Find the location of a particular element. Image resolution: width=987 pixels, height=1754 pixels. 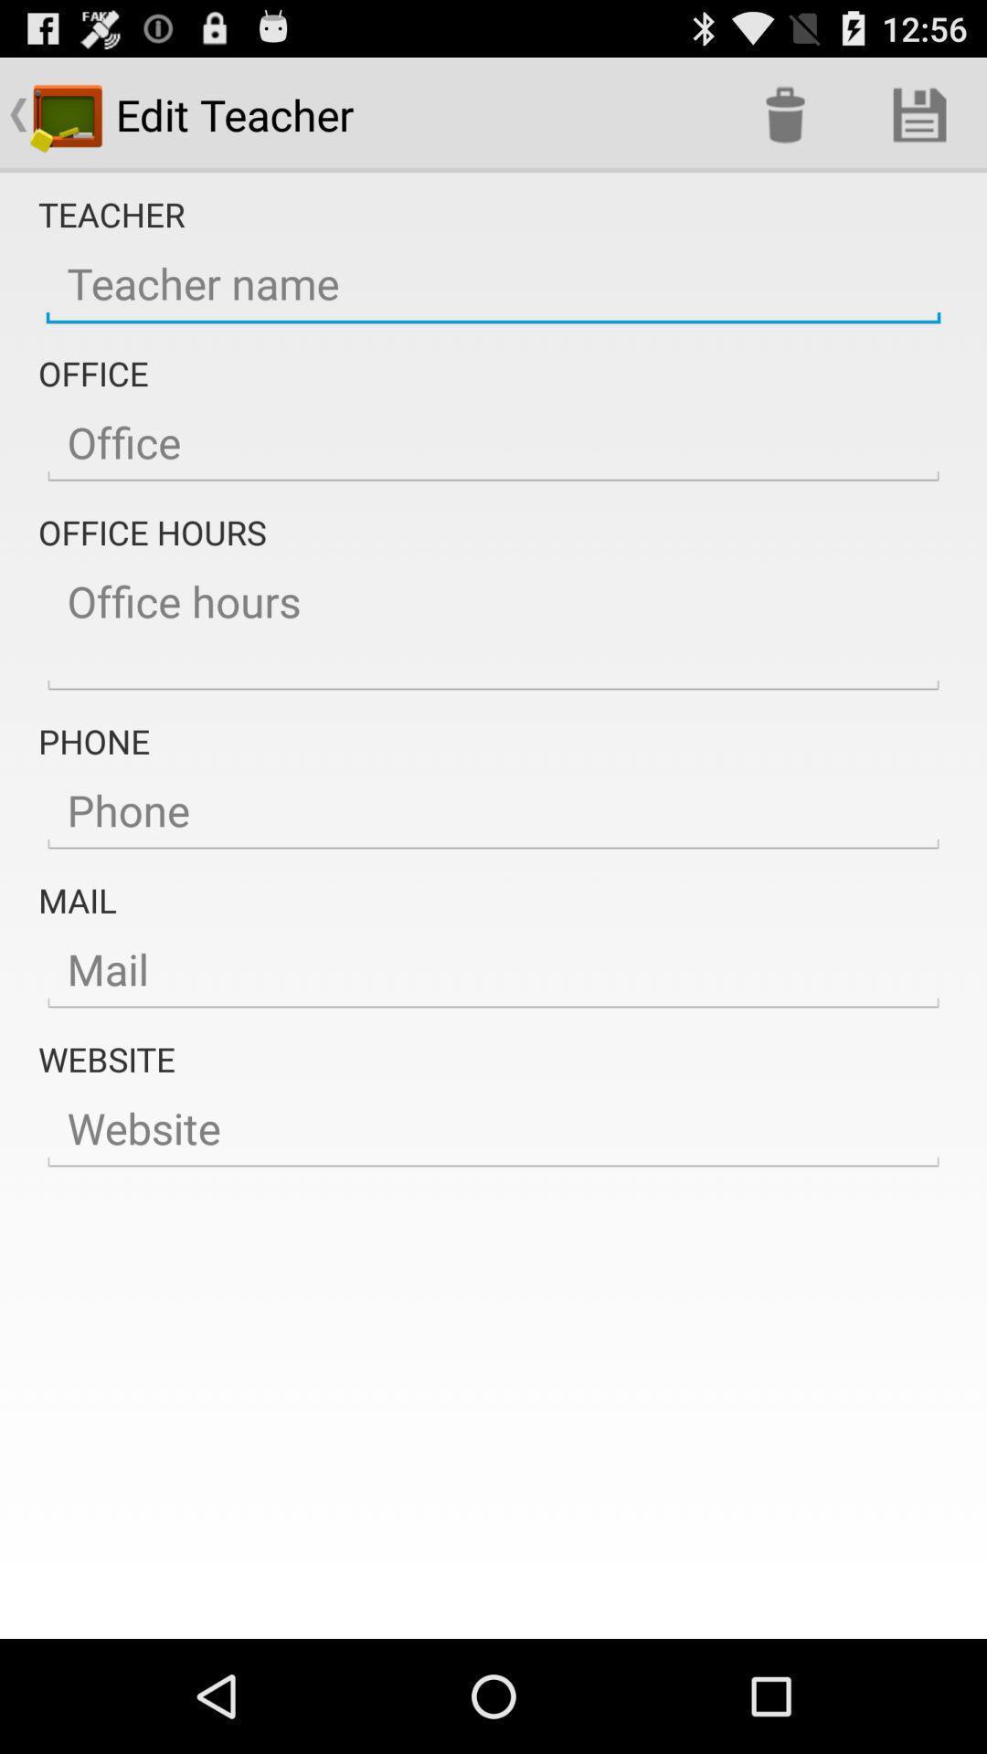

the button is used to enter the teachers name is located at coordinates (493, 283).